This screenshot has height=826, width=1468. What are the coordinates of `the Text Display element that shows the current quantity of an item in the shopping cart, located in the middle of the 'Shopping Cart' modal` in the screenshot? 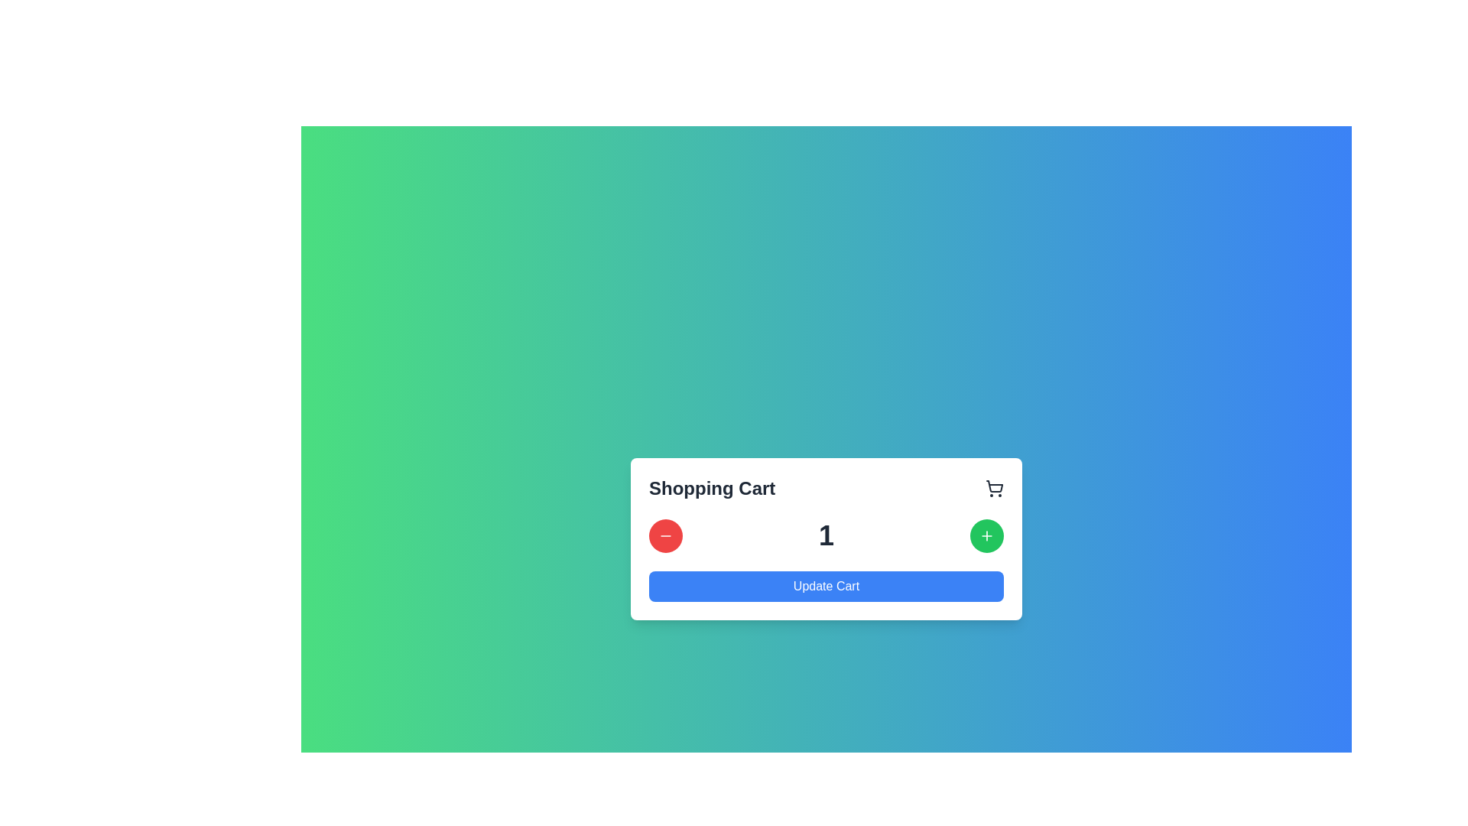 It's located at (825, 535).